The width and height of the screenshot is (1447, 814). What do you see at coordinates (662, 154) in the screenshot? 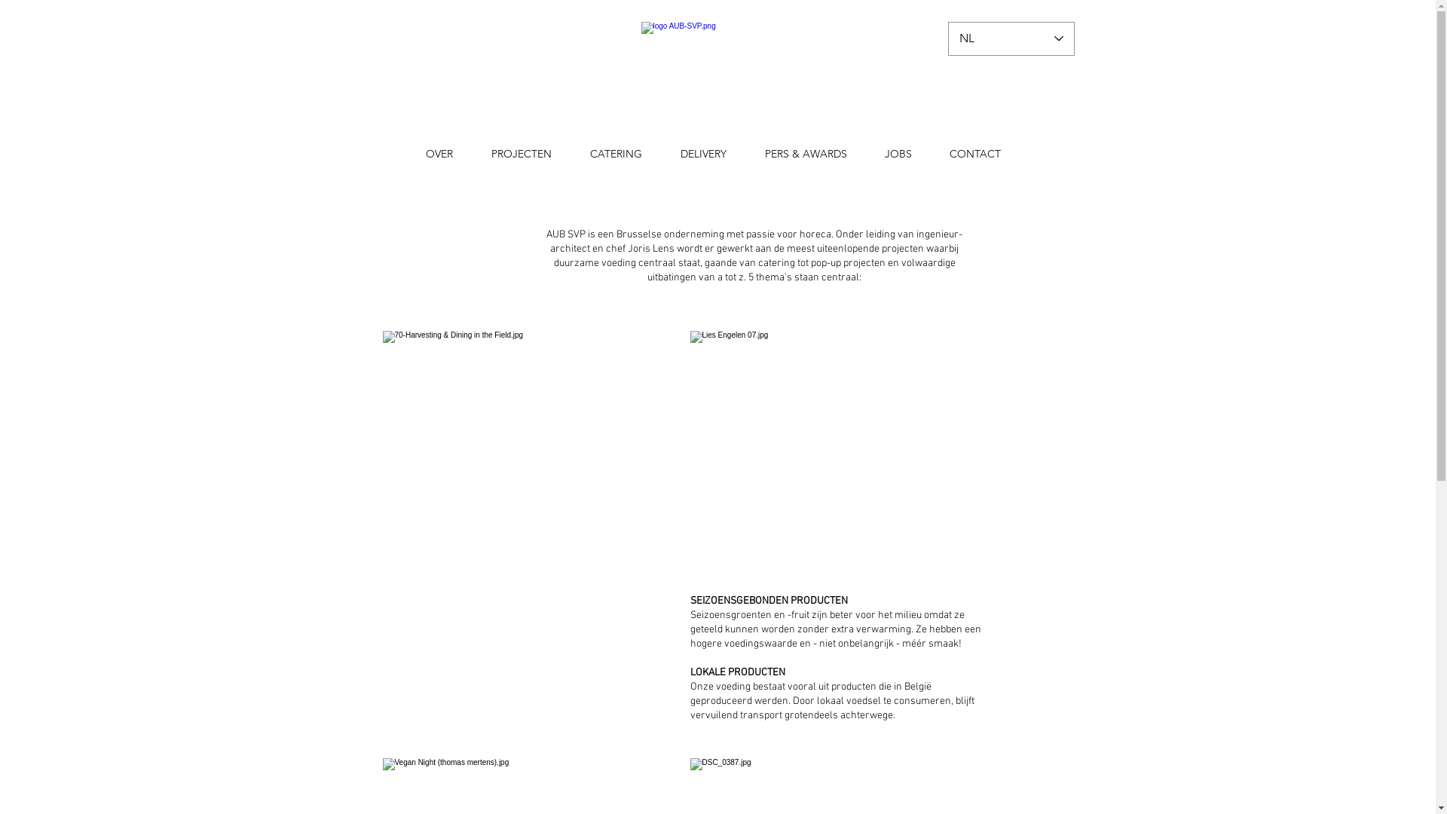
I see `'DELIVERY'` at bounding box center [662, 154].